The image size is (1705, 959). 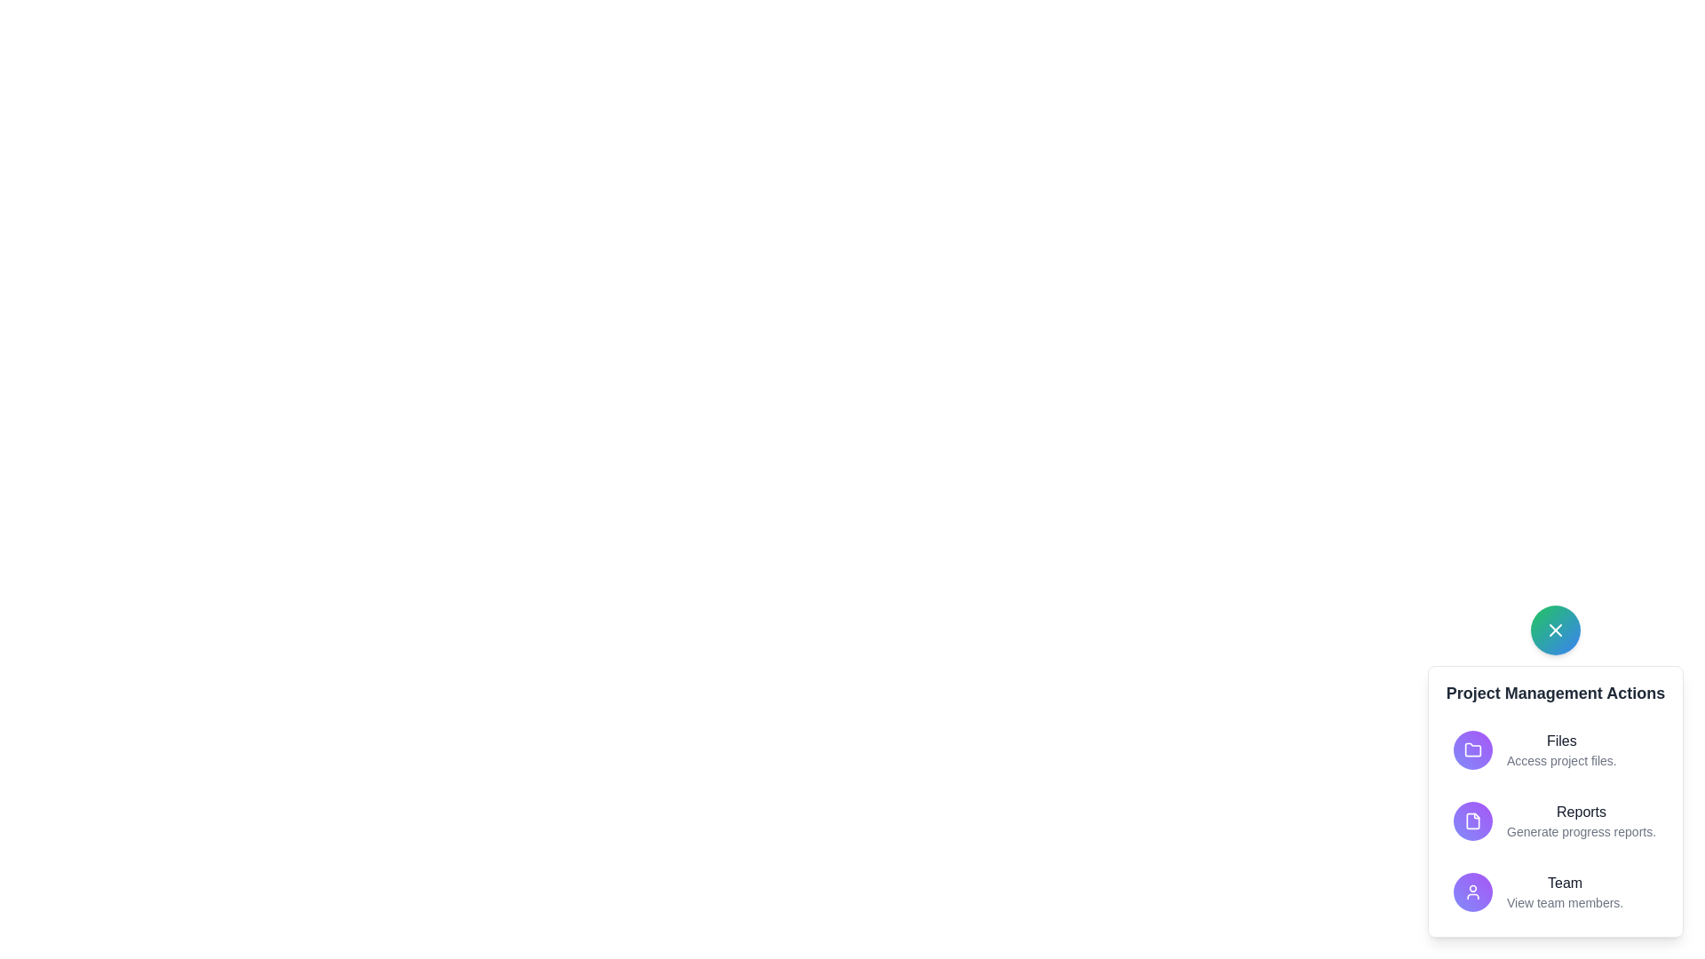 I want to click on the action button labeled Files to view its description, so click(x=1473, y=749).